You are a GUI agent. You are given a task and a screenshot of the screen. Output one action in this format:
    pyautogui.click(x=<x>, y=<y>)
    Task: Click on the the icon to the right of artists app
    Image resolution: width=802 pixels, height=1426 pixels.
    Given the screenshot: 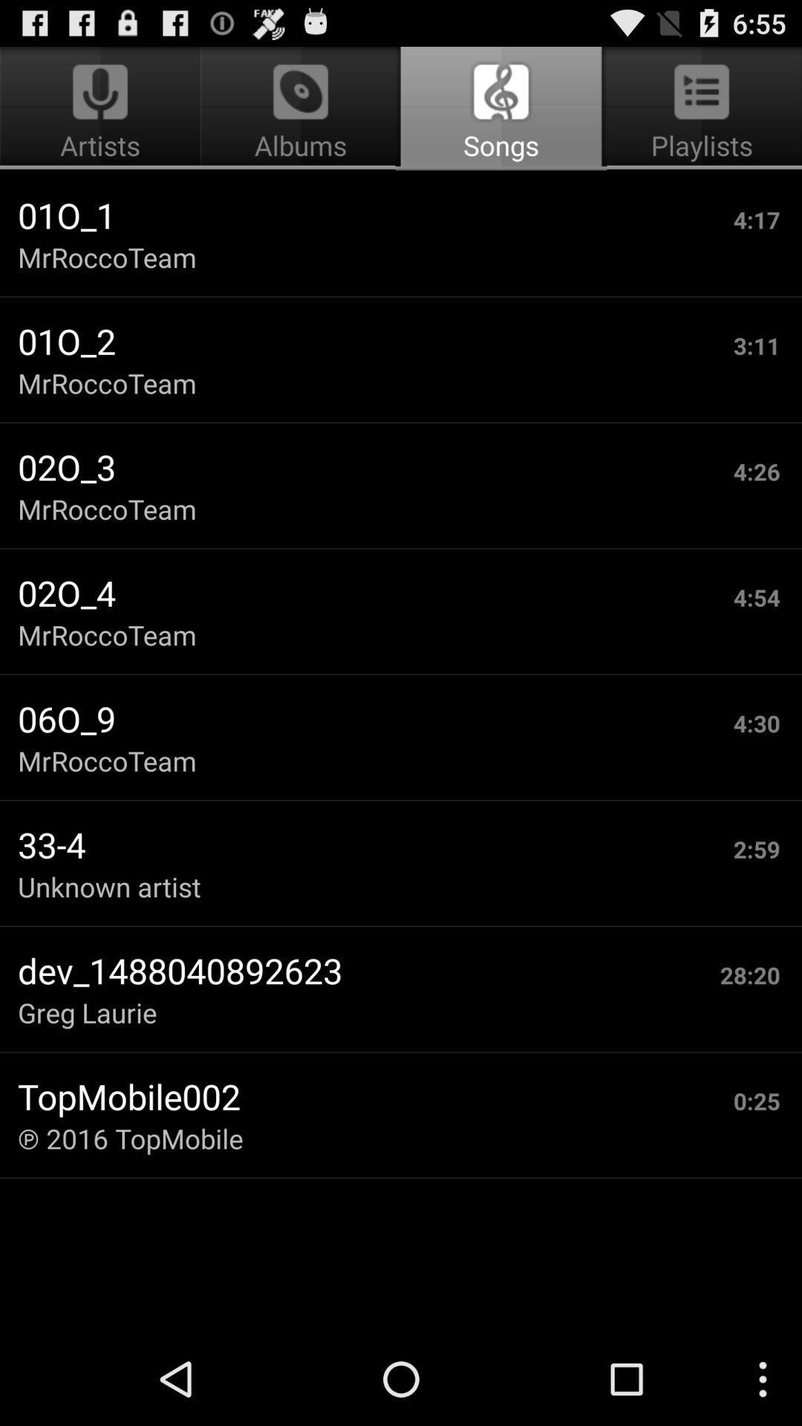 What is the action you would take?
    pyautogui.click(x=501, y=108)
    